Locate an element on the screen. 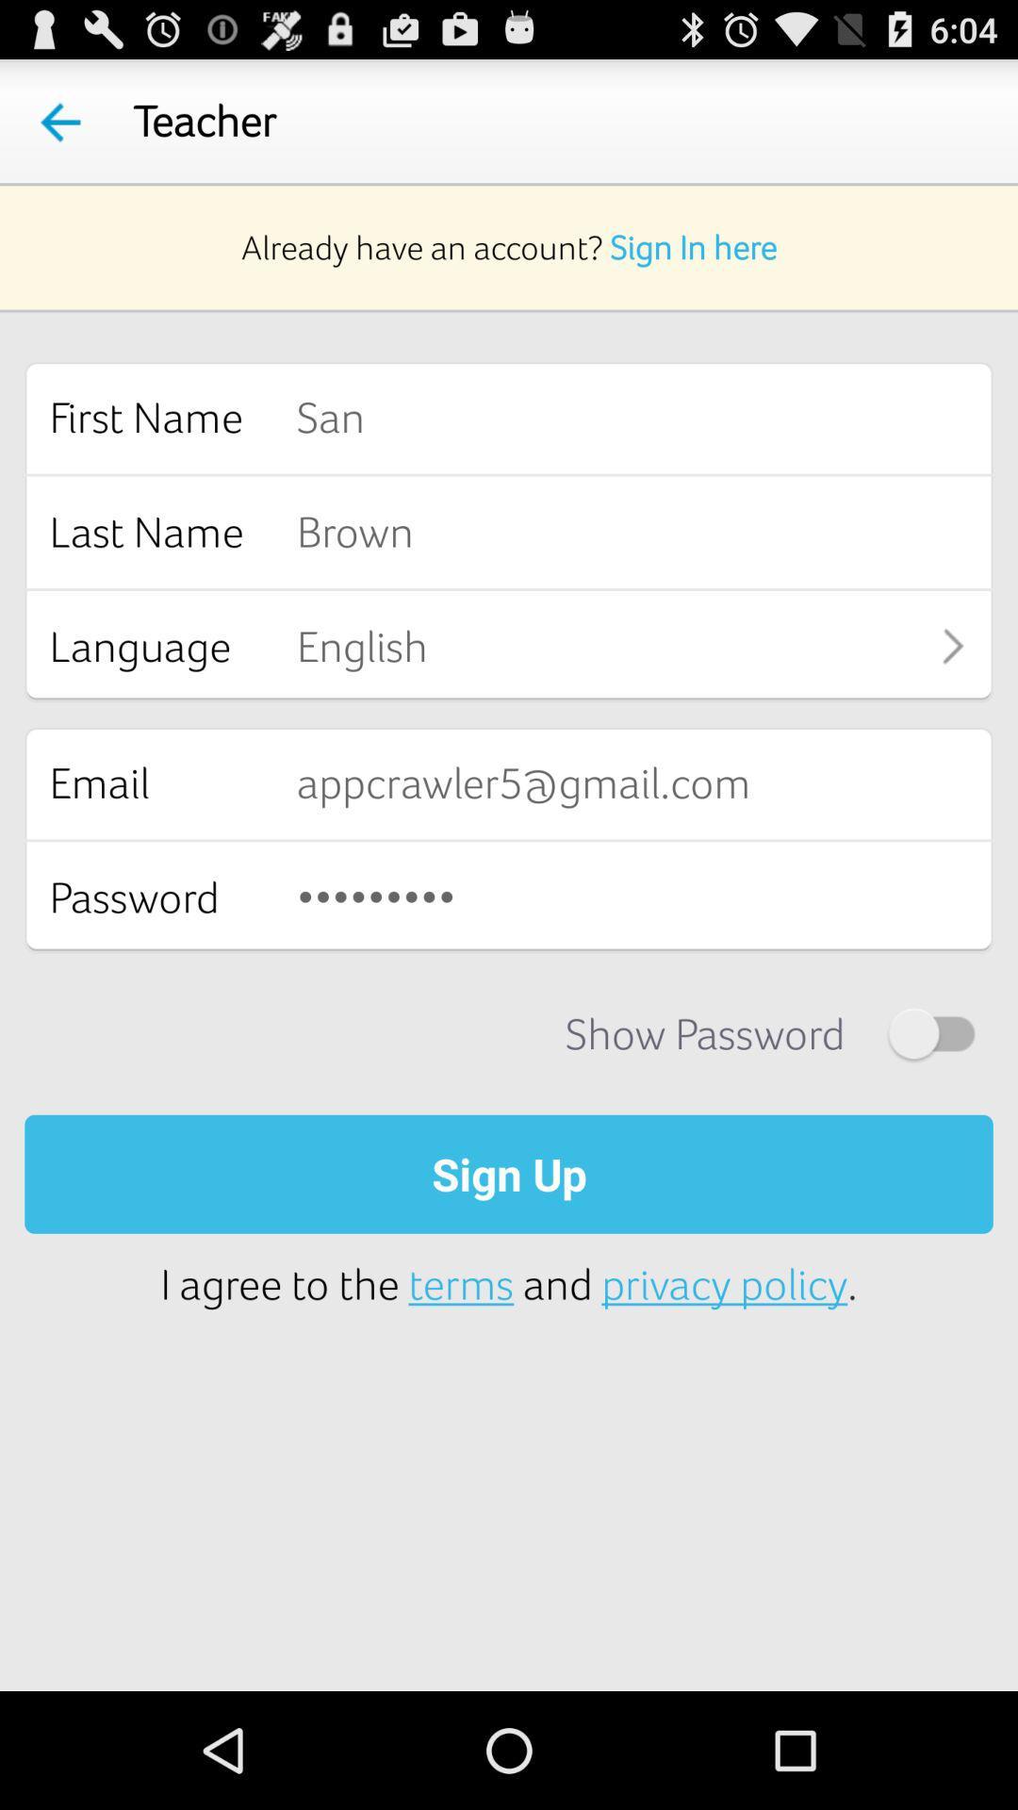  show password is located at coordinates (930, 1032).